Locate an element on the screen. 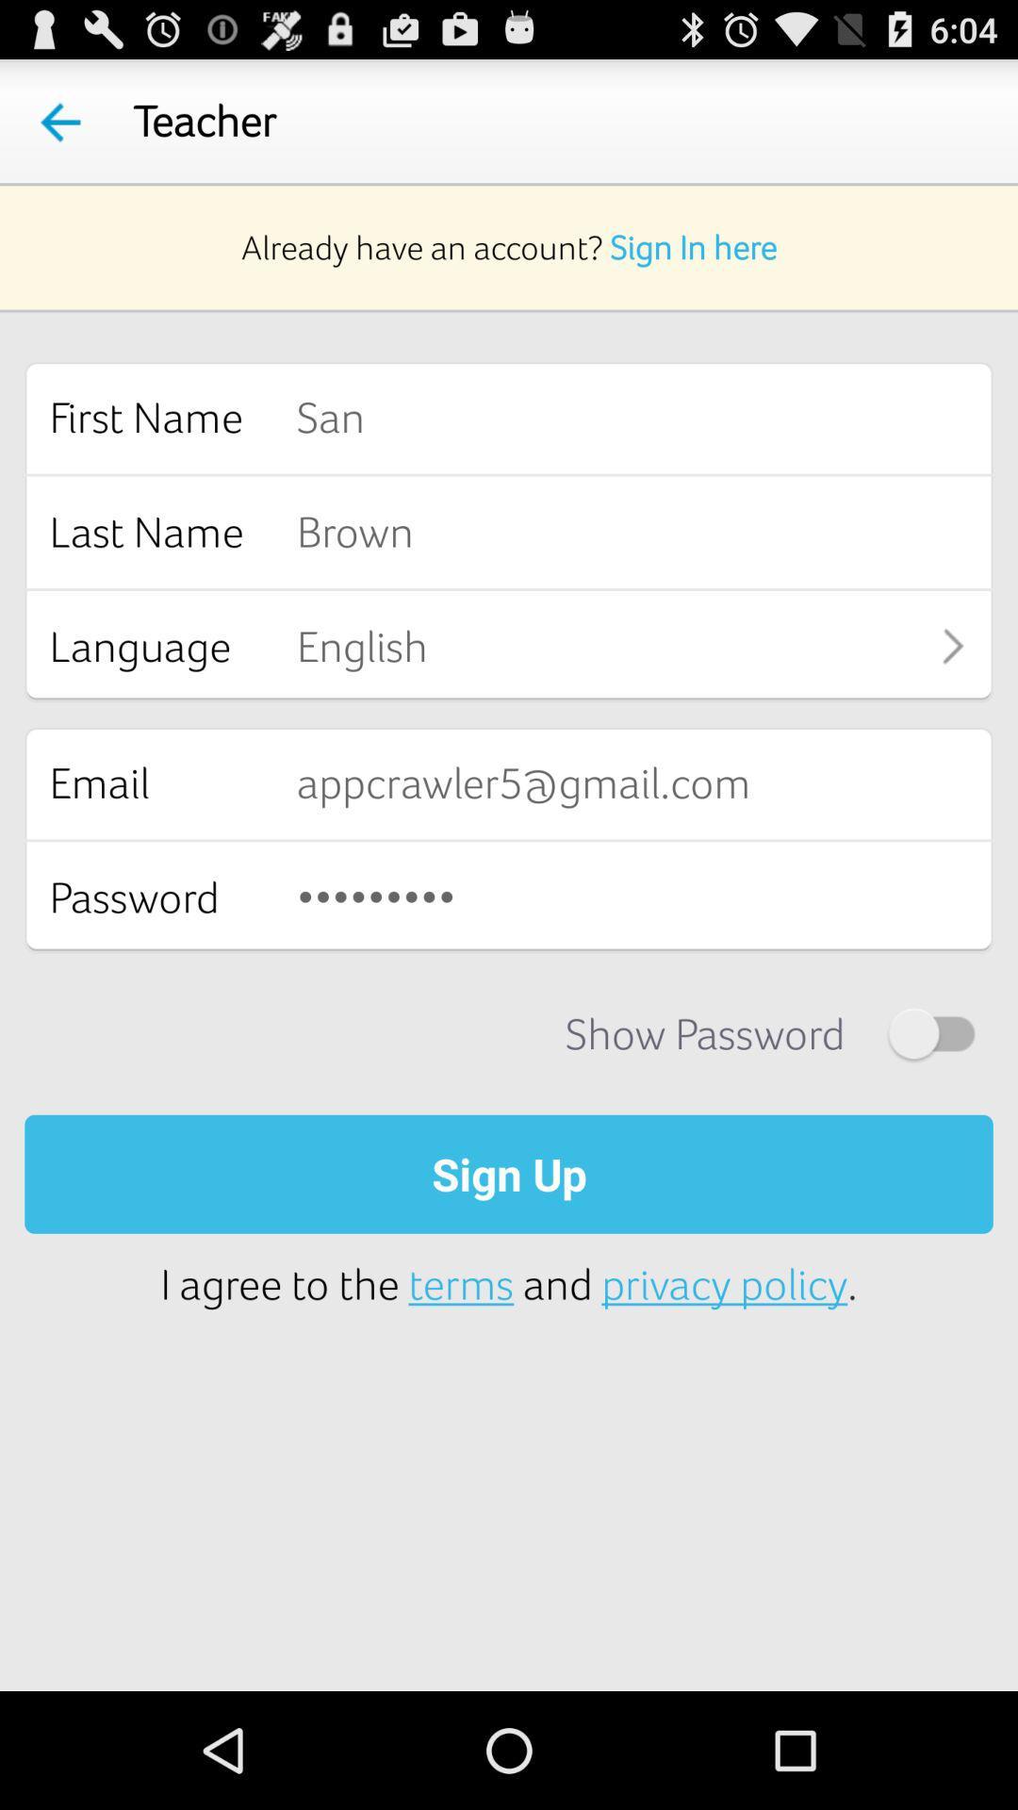  show password is located at coordinates (930, 1032).